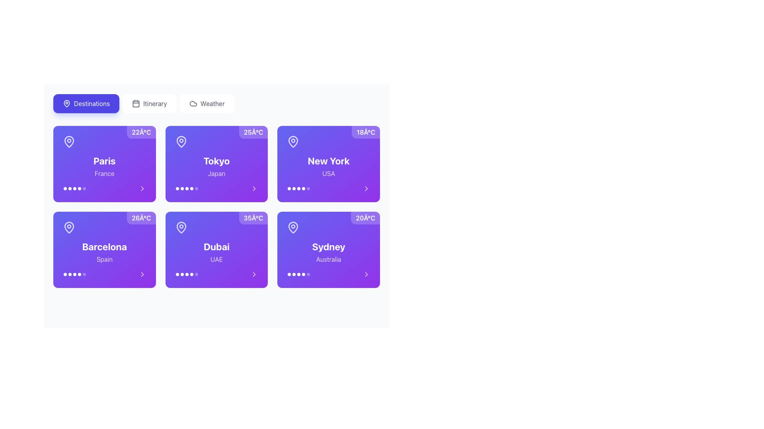 This screenshot has width=764, height=429. I want to click on the current pagination state of the five circular indicators in the New York card, located at the lower left section beneath the '18°C' indicator and above the chevron-right icon, so click(298, 188).